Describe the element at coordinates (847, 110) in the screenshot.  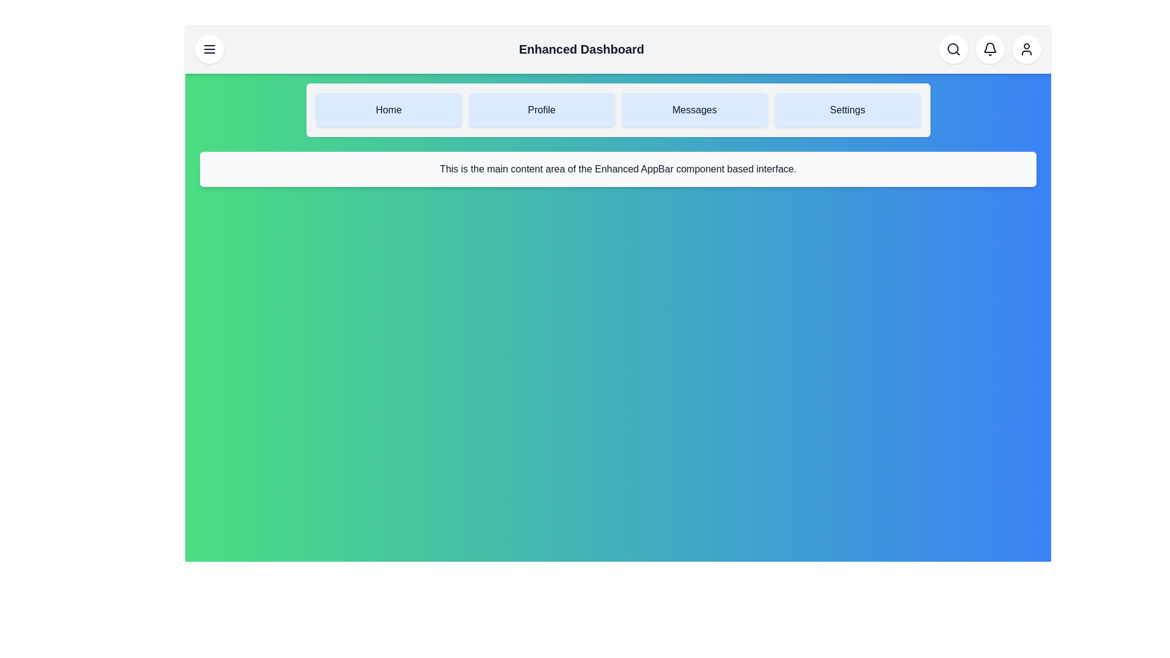
I see `the navigation item Settings` at that location.